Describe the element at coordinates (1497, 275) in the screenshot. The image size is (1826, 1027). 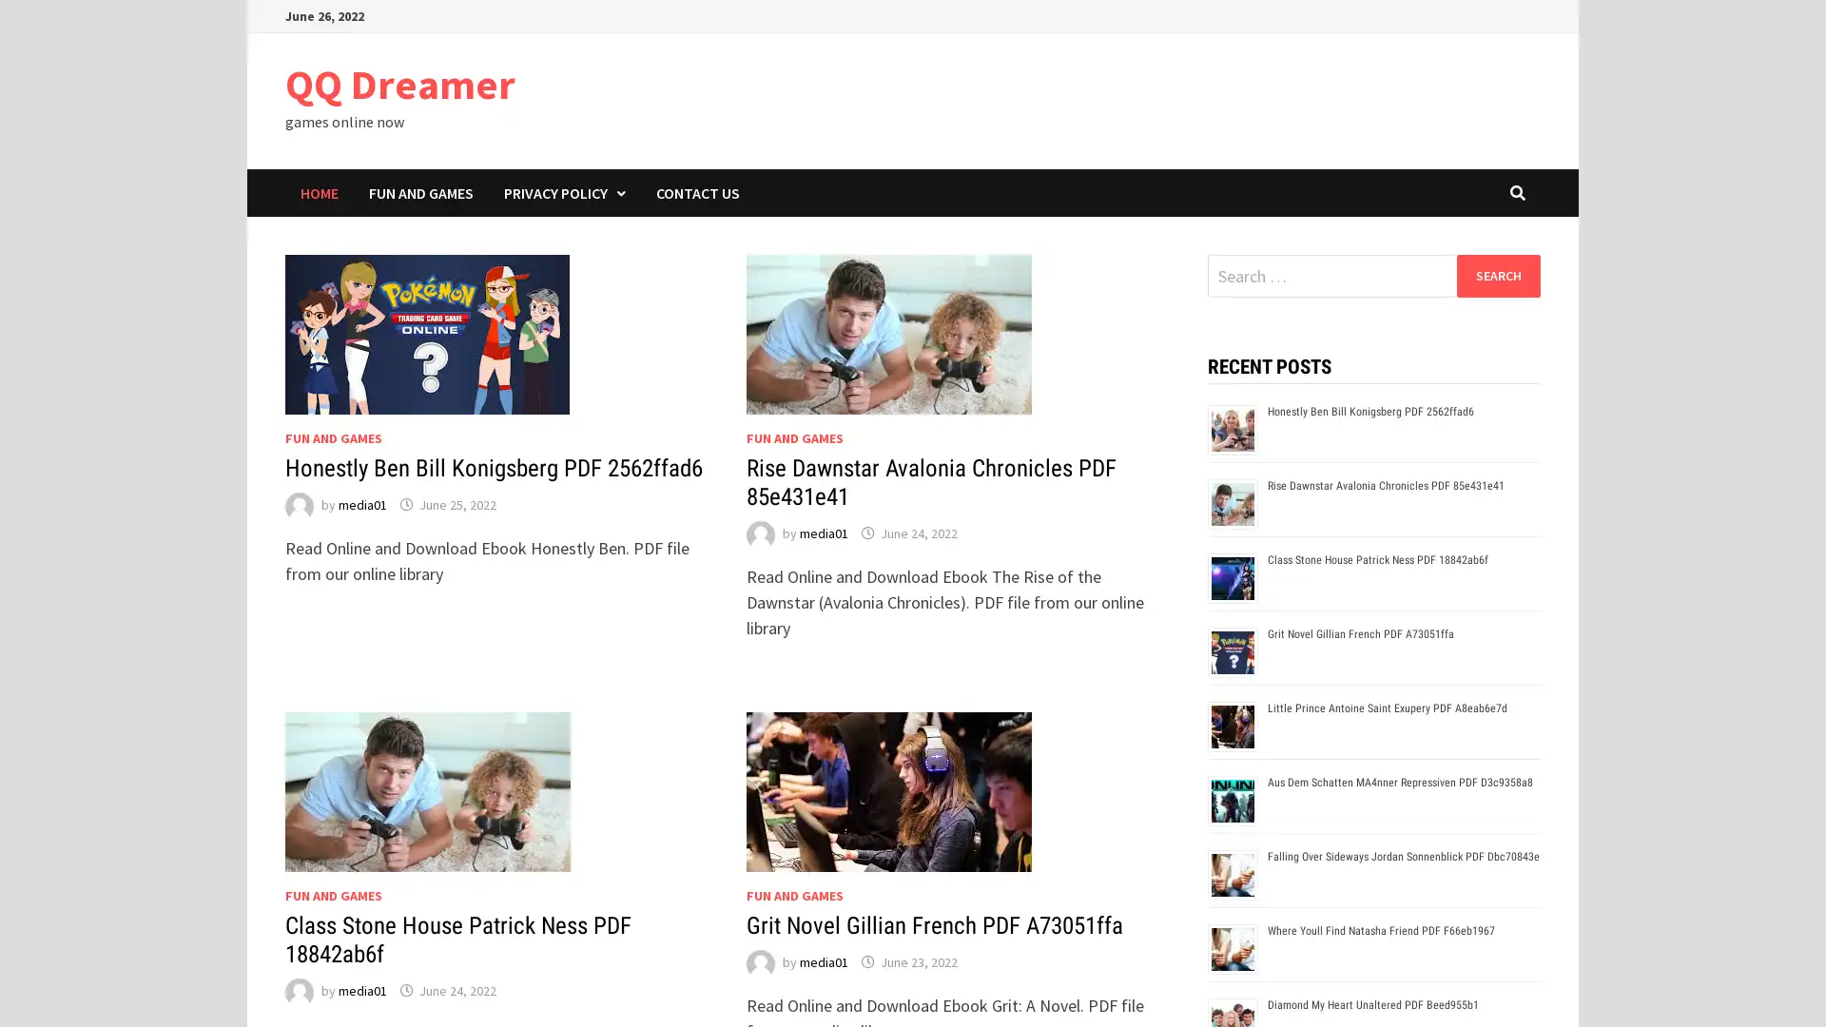
I see `Search` at that location.